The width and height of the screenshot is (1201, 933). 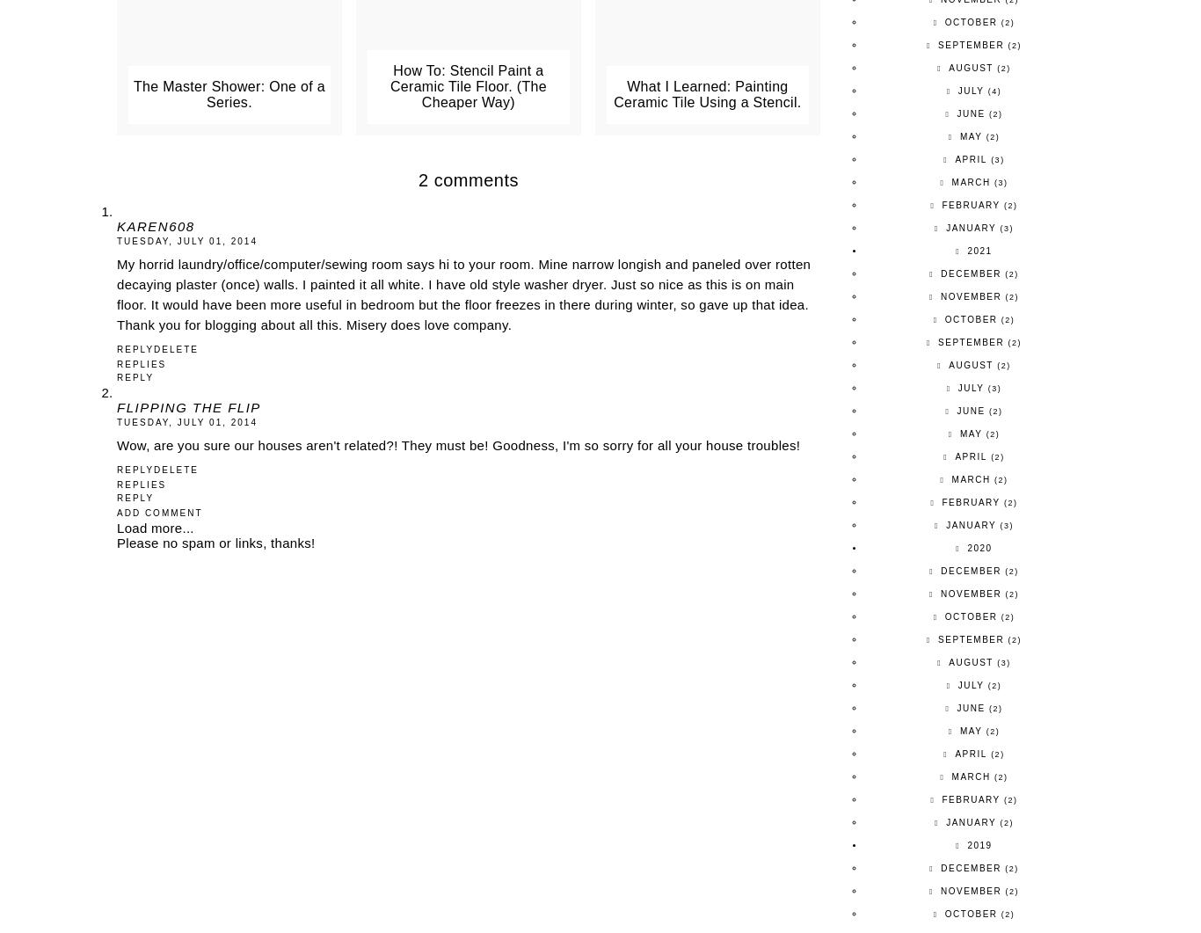 I want to click on '2020', so click(x=978, y=547).